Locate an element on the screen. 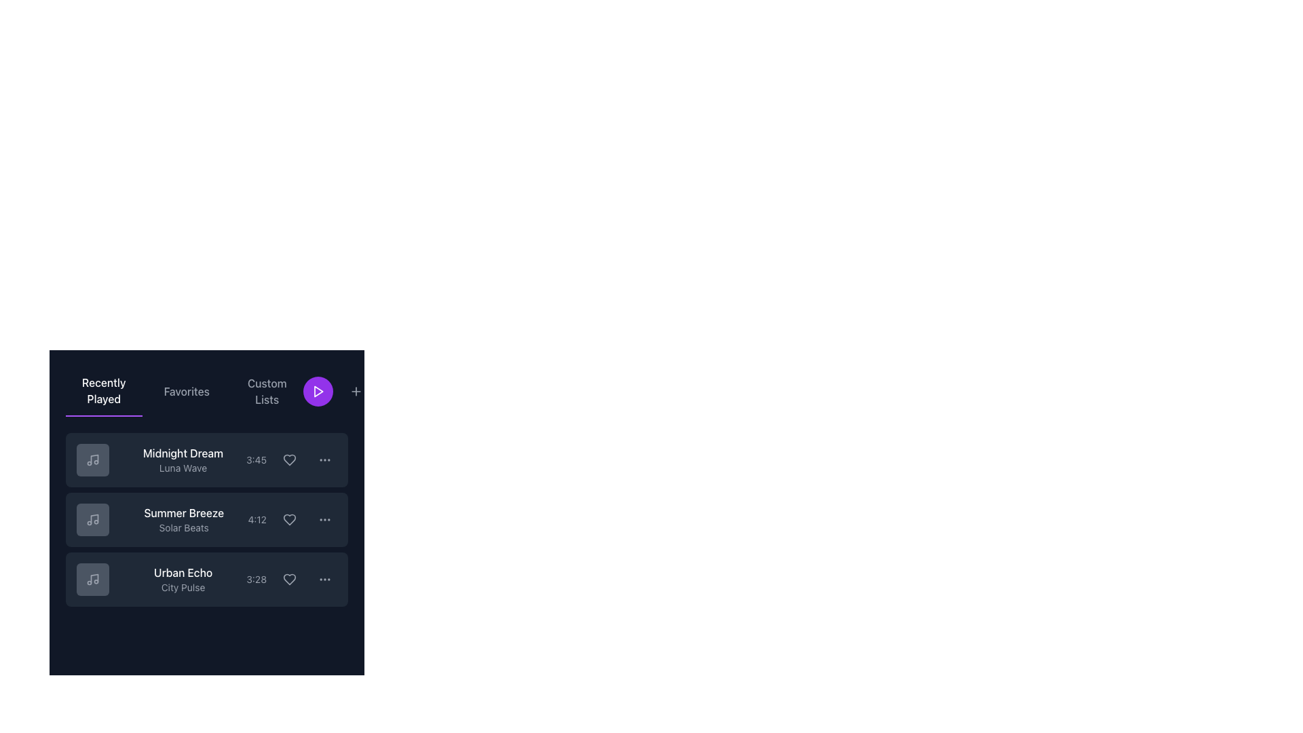 This screenshot has height=733, width=1303. the music track icon for 'Summer Breeze' in the second row of the 'Recently Played' list item is located at coordinates (92, 519).